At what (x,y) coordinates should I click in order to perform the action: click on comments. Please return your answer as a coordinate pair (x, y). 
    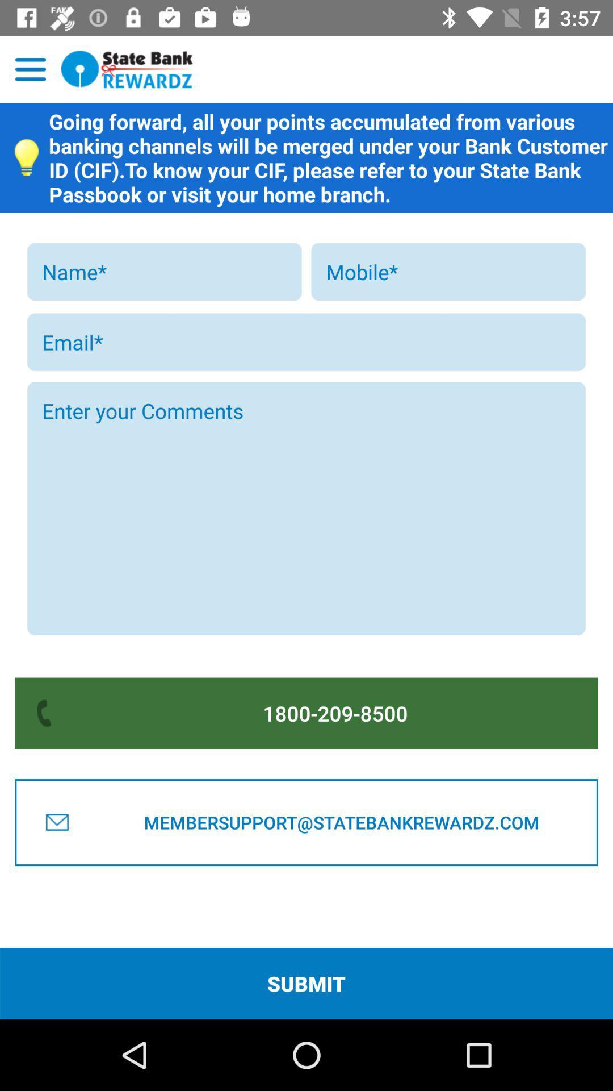
    Looking at the image, I should click on (306, 508).